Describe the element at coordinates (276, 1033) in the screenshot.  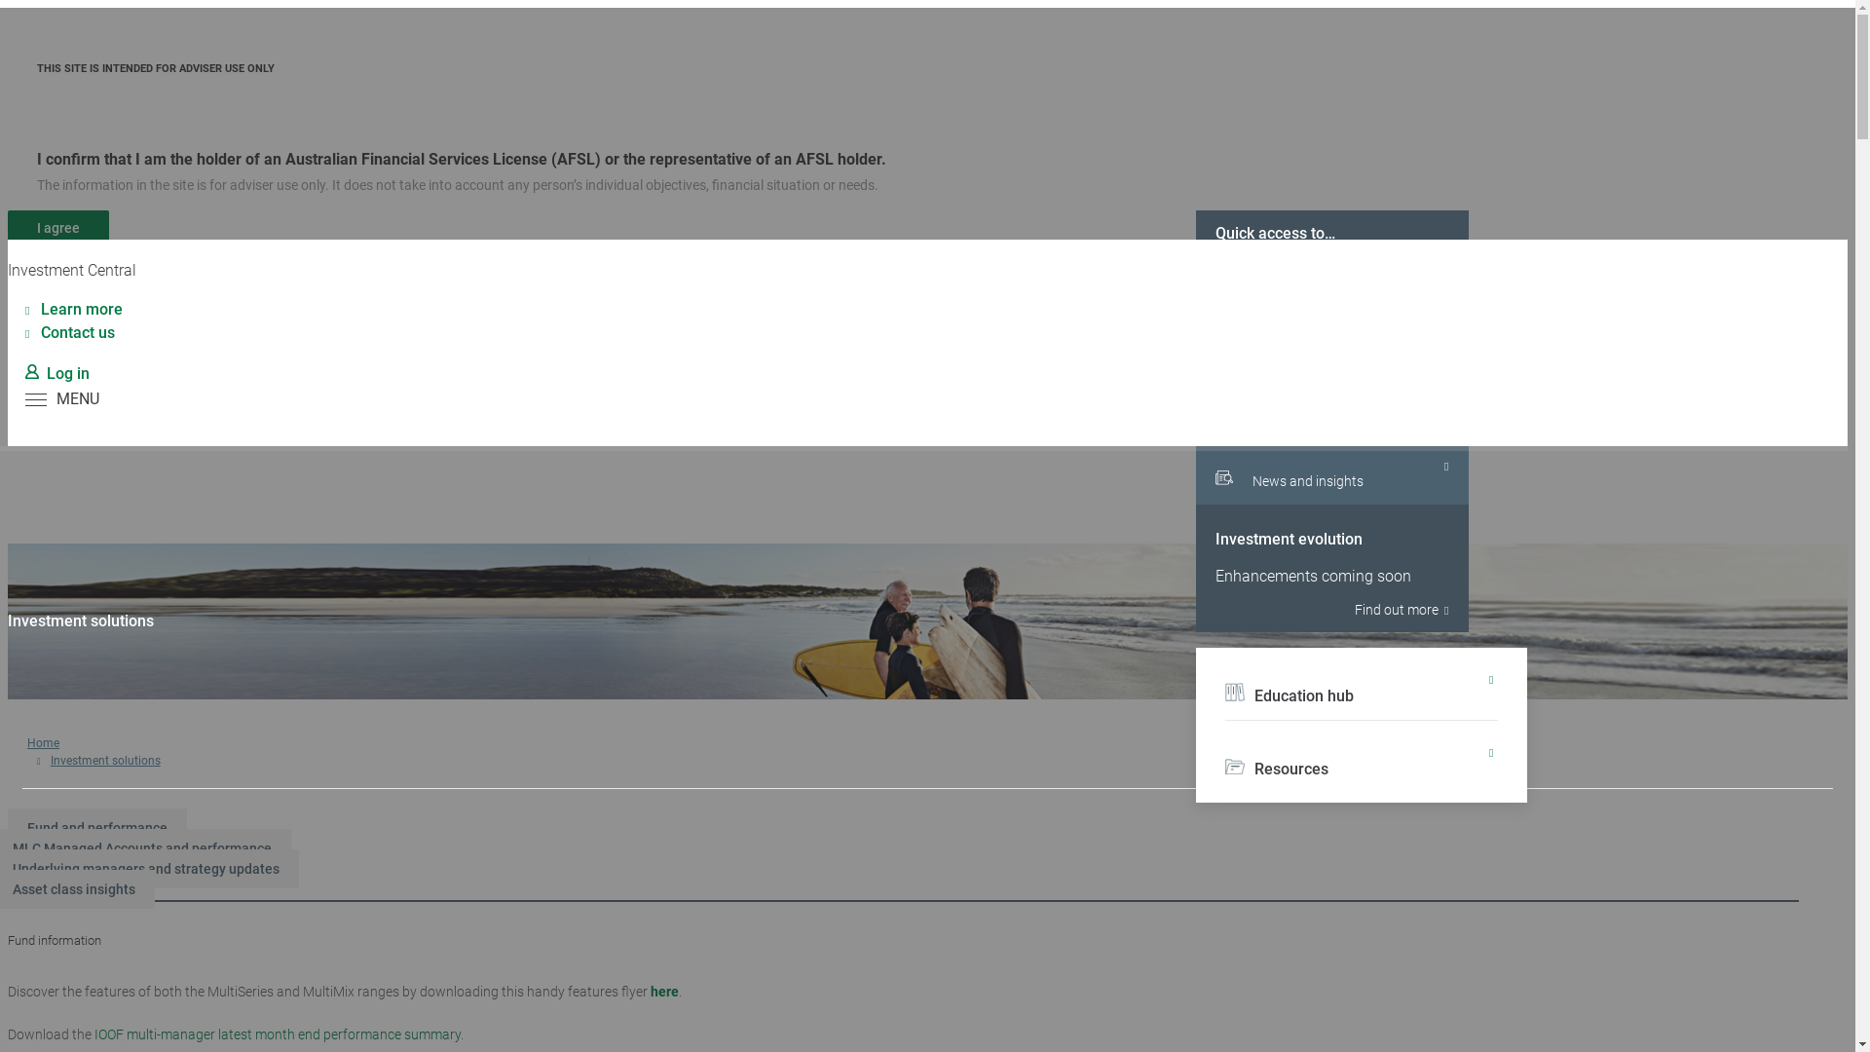
I see `'IOOF multi-manager latest month end performance summary'` at that location.